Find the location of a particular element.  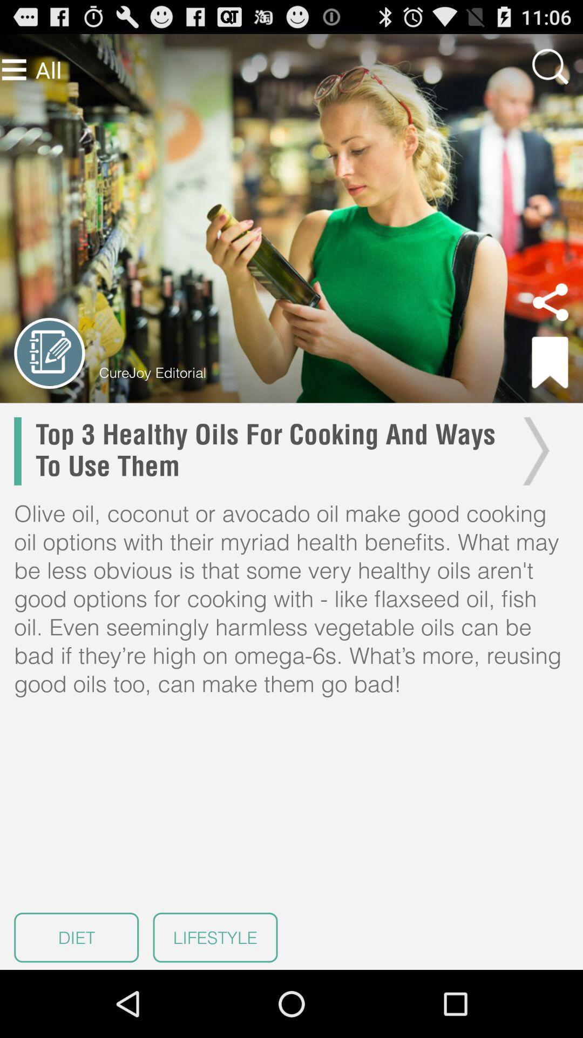

diet at the bottom left corner is located at coordinates (76, 937).